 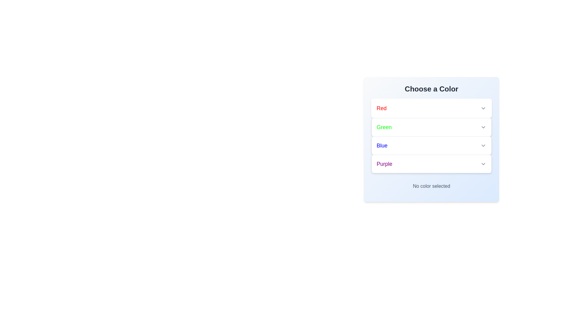 I want to click on the color Green to select it, so click(x=431, y=127).